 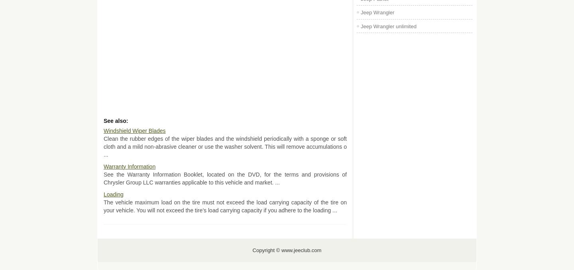 I want to click on 'Warranty Information', so click(x=130, y=165).